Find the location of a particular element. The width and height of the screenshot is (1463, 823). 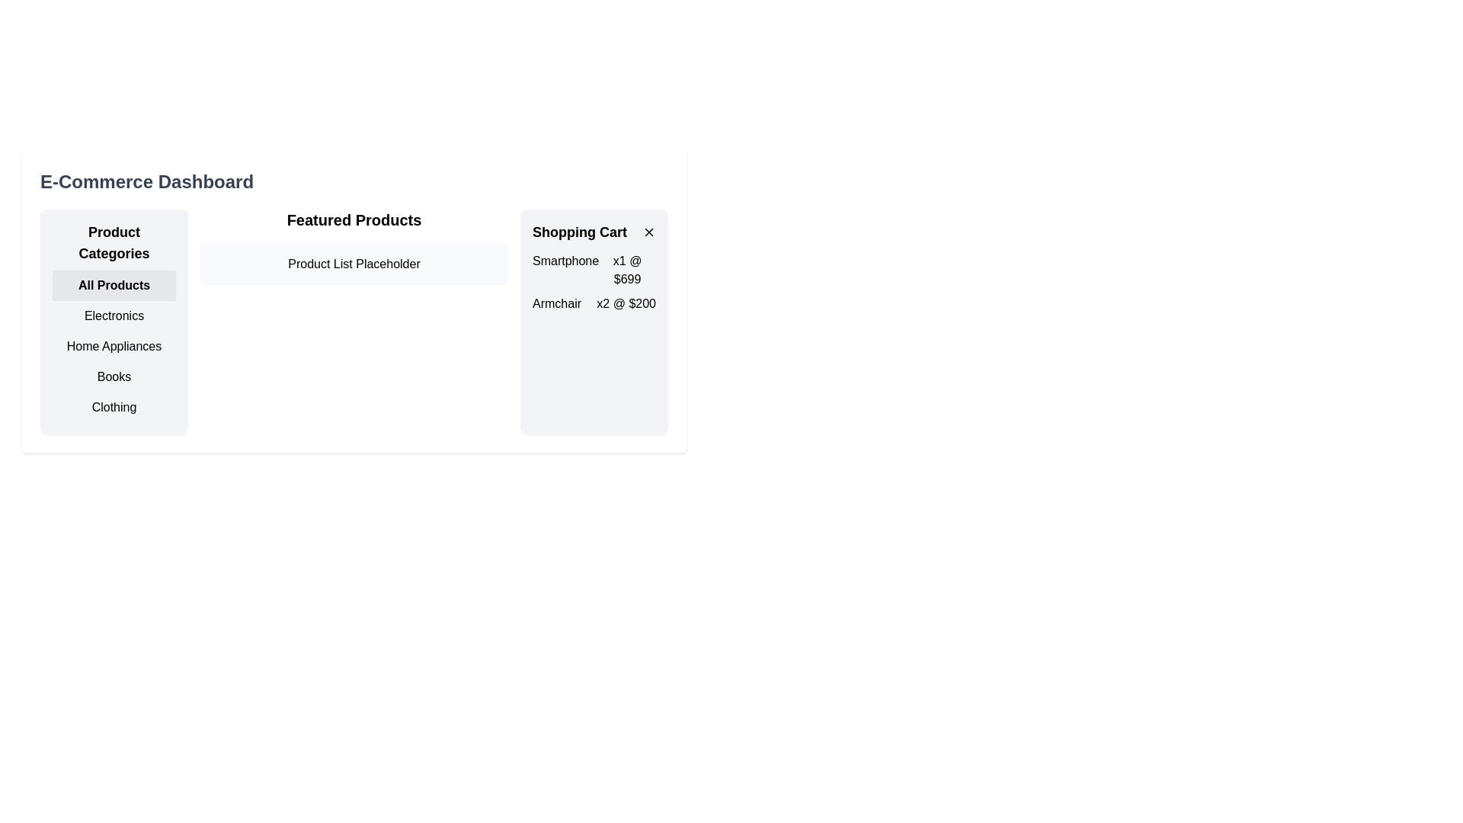

the small 'X' icon button located in the top right corner of the 'Shopping Cart' is located at coordinates (648, 232).